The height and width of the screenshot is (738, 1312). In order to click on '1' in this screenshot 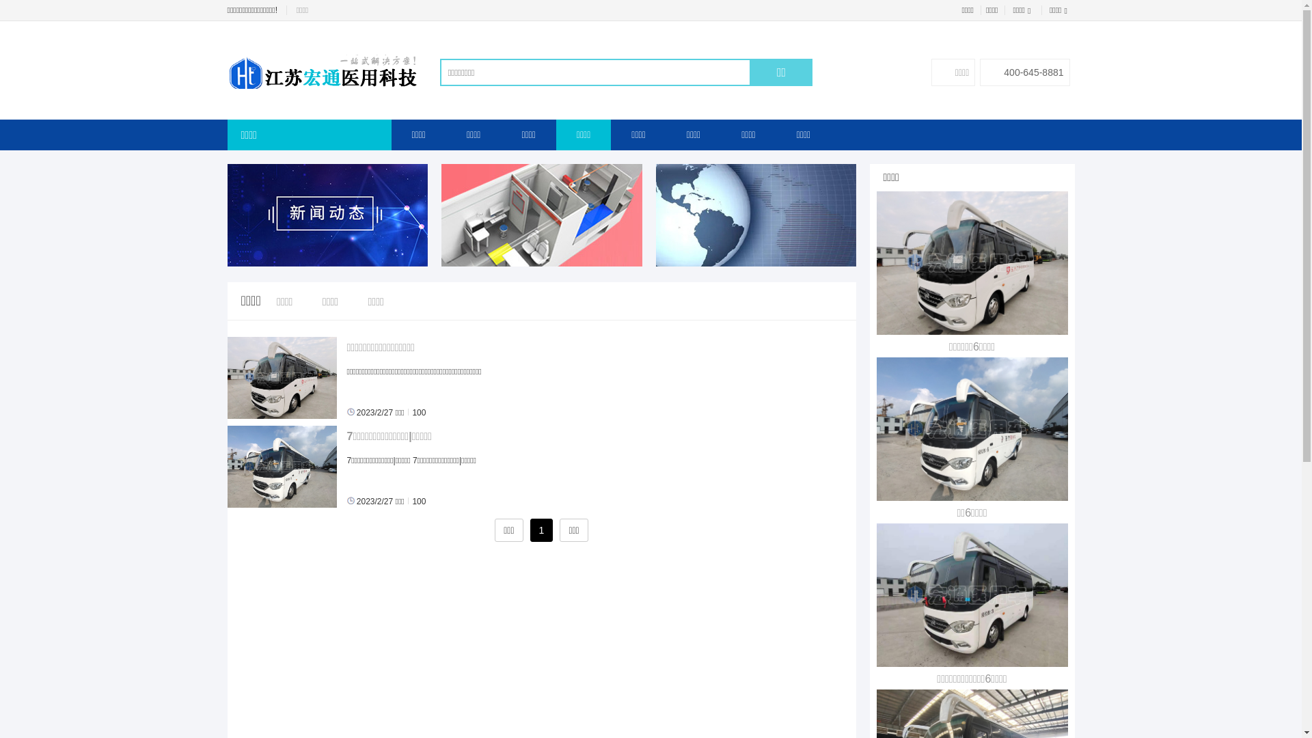, I will do `click(541, 529)`.